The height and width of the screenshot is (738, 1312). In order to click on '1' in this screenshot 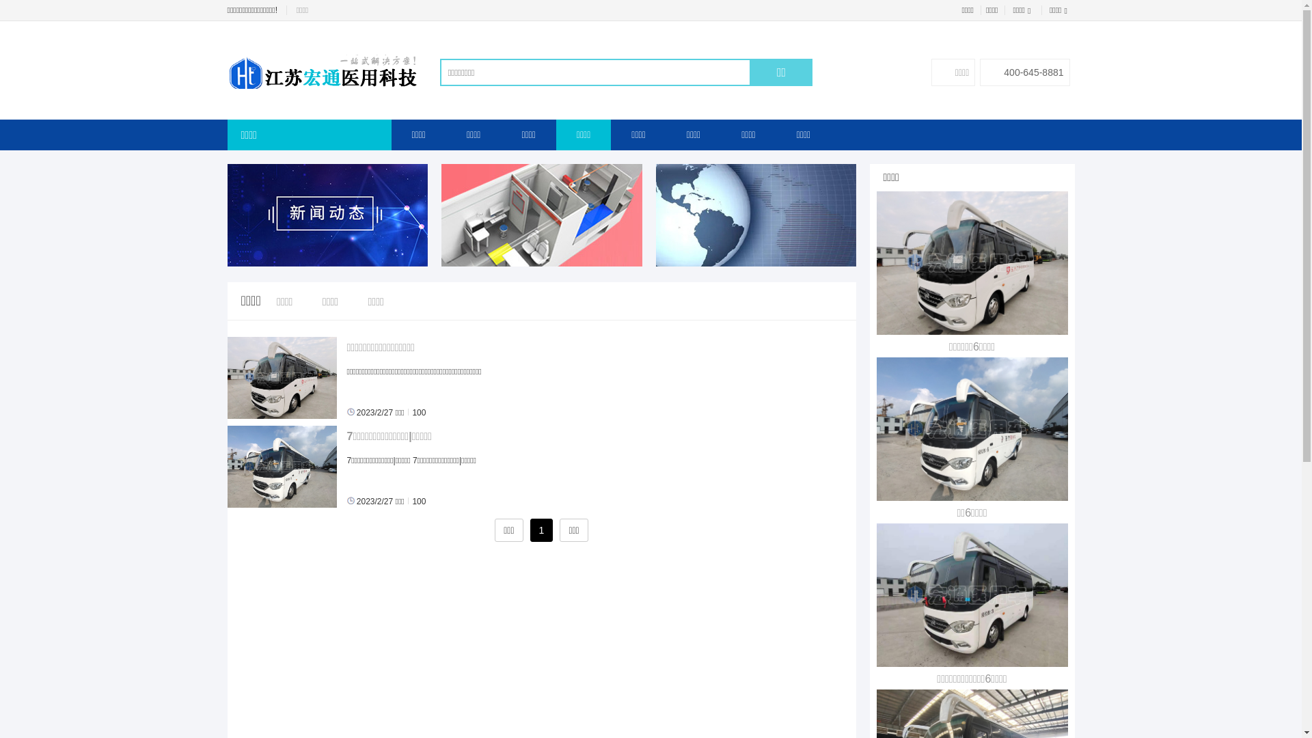, I will do `click(541, 529)`.